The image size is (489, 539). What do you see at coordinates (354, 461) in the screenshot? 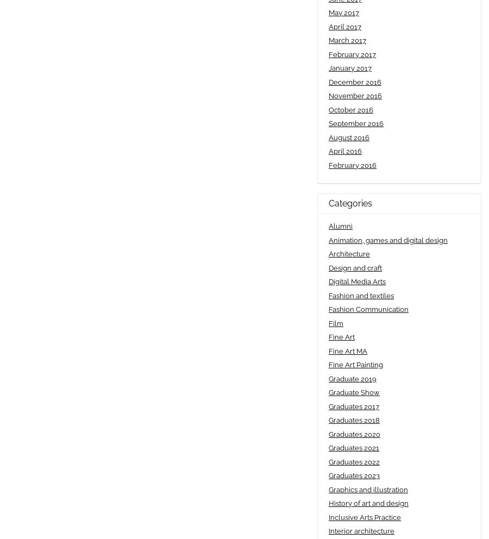
I see `'Graduates 2022'` at bounding box center [354, 461].